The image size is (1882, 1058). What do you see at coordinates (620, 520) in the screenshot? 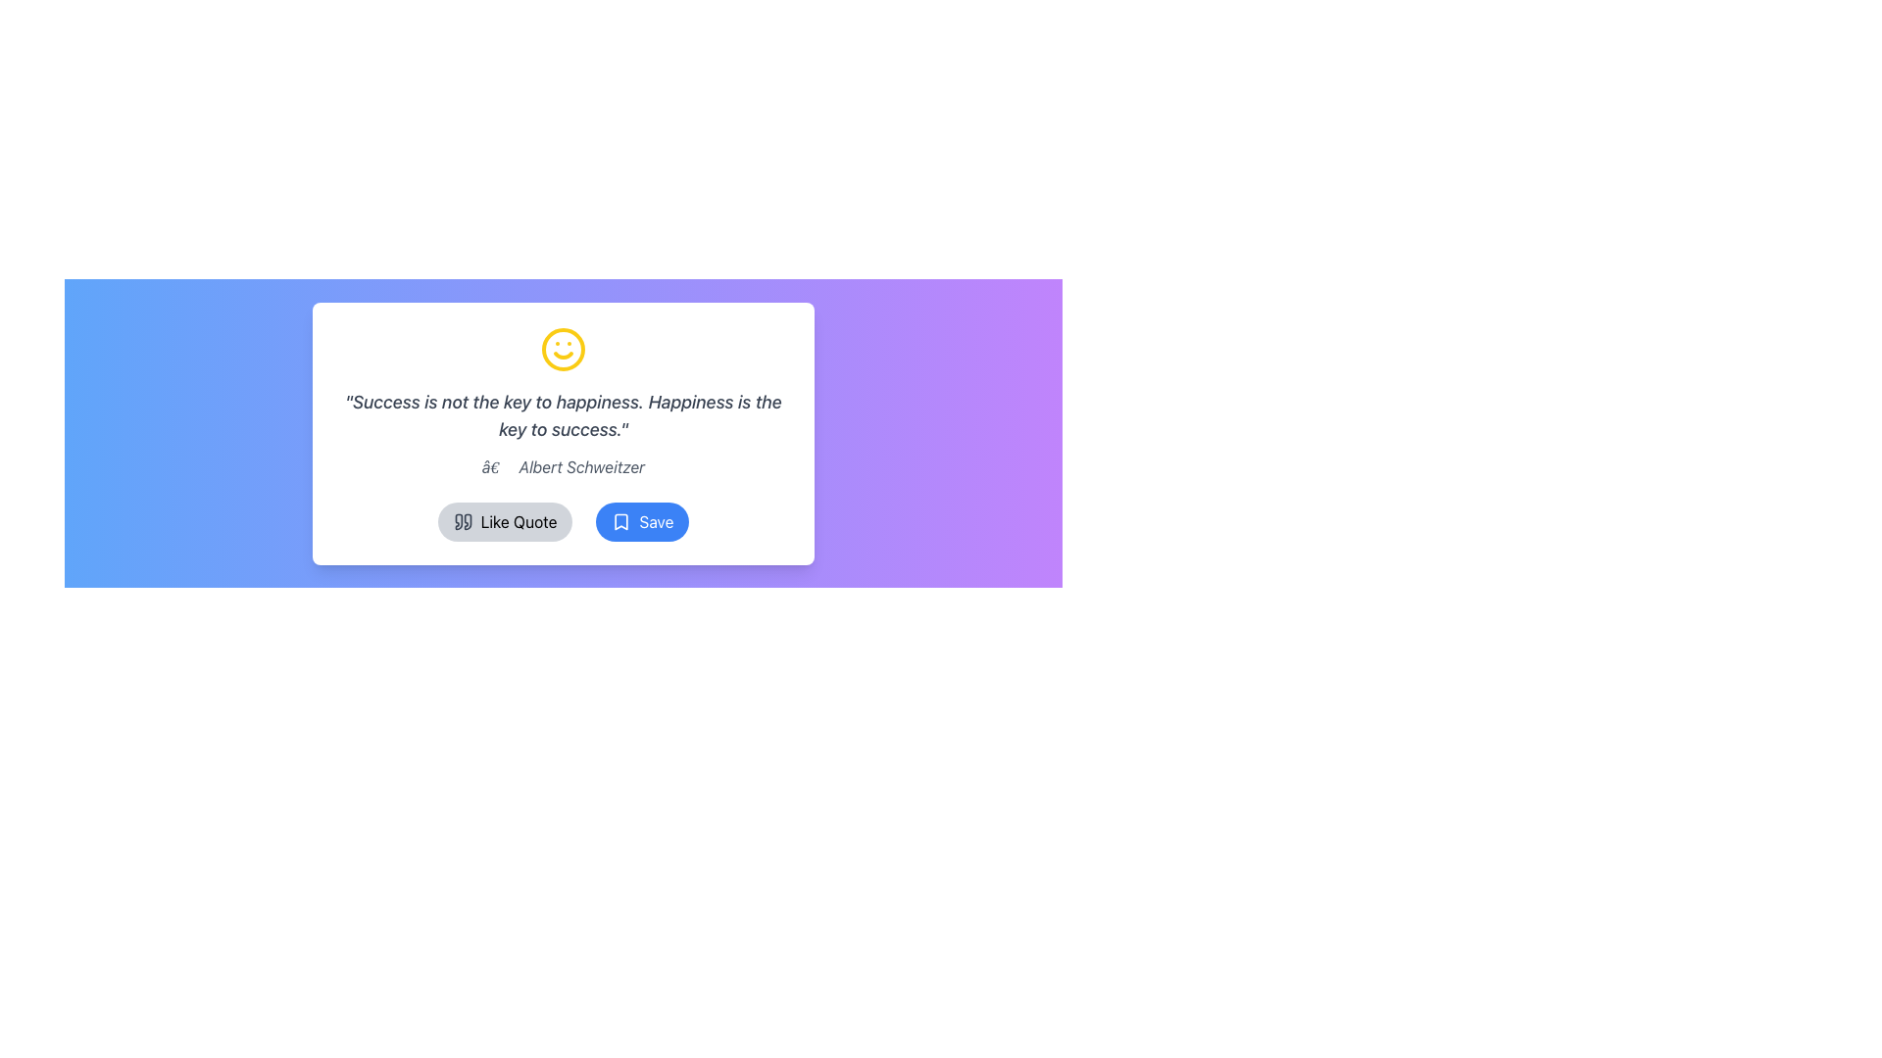
I see `the save icon located on the left side of the 'Save' button` at bounding box center [620, 520].